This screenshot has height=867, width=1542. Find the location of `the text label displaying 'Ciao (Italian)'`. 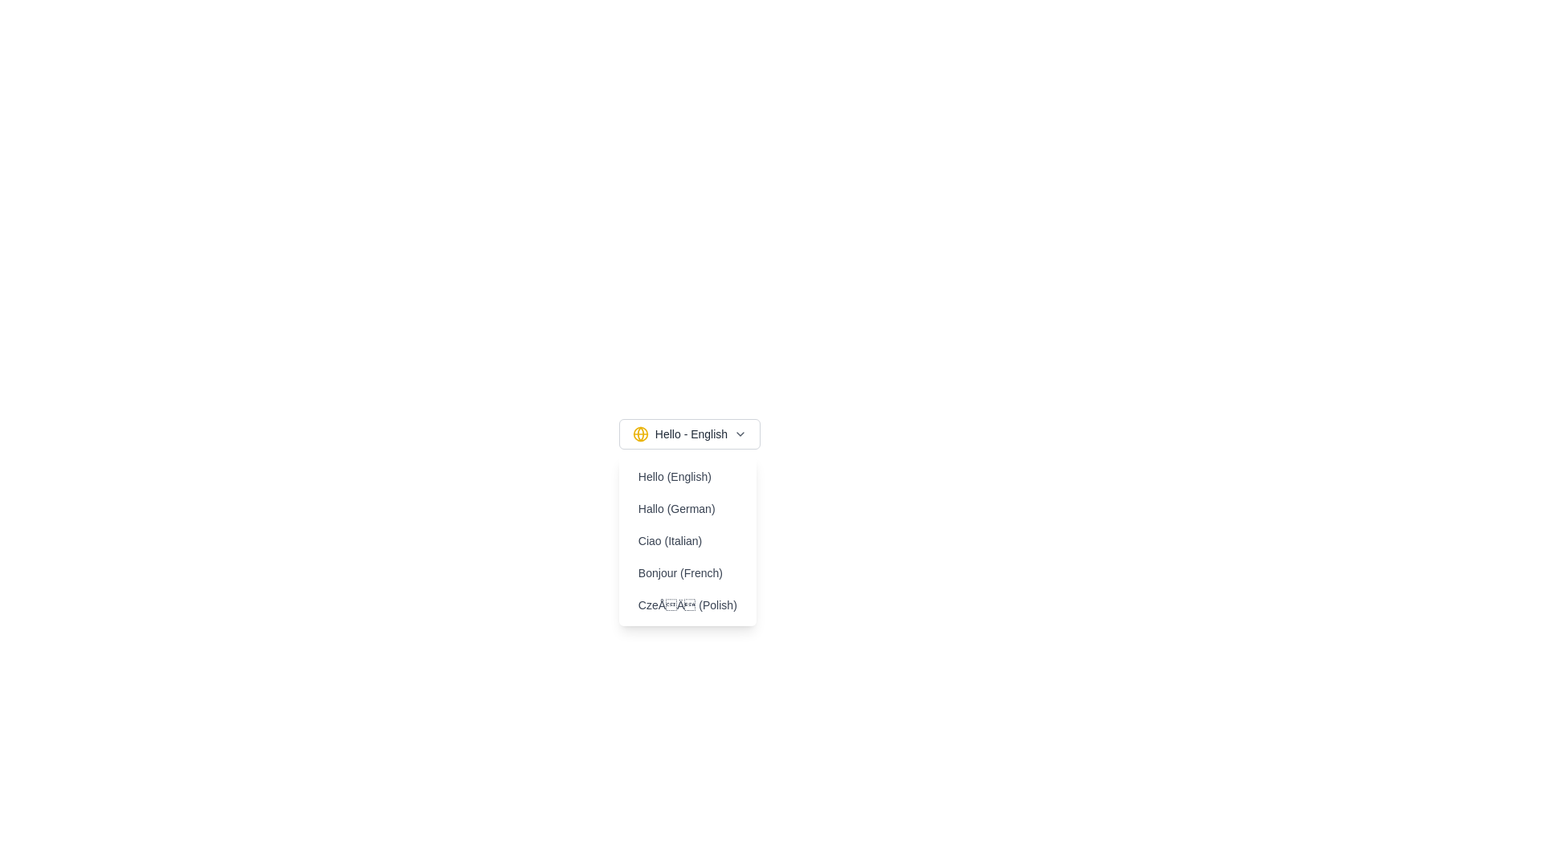

the text label displaying 'Ciao (Italian)' is located at coordinates (687, 541).